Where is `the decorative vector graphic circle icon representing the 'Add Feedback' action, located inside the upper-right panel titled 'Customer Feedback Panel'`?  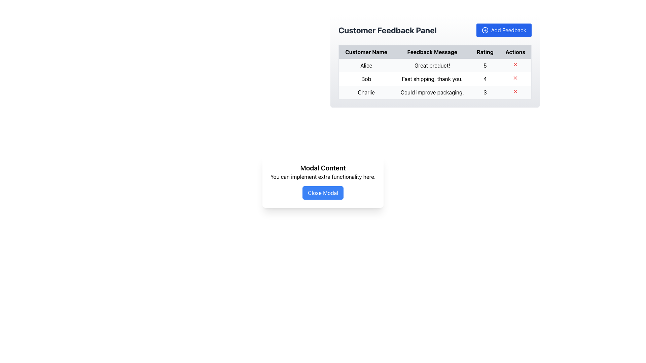
the decorative vector graphic circle icon representing the 'Add Feedback' action, located inside the upper-right panel titled 'Customer Feedback Panel' is located at coordinates (485, 30).